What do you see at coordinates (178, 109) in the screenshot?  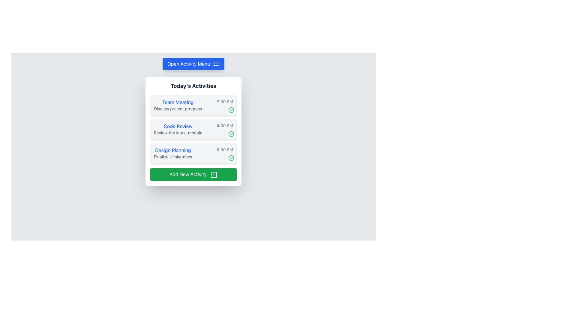 I see `text content of the descriptive subtitle label located under the 'Team Meeting' heading` at bounding box center [178, 109].